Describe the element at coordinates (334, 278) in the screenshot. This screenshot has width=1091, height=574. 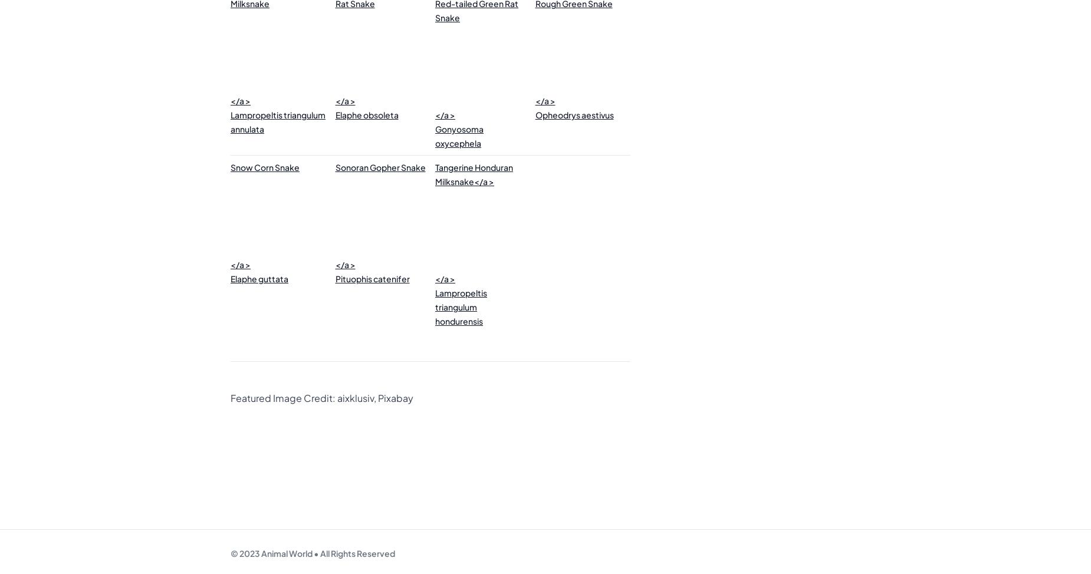
I see `'Pituophis catenifer'` at that location.